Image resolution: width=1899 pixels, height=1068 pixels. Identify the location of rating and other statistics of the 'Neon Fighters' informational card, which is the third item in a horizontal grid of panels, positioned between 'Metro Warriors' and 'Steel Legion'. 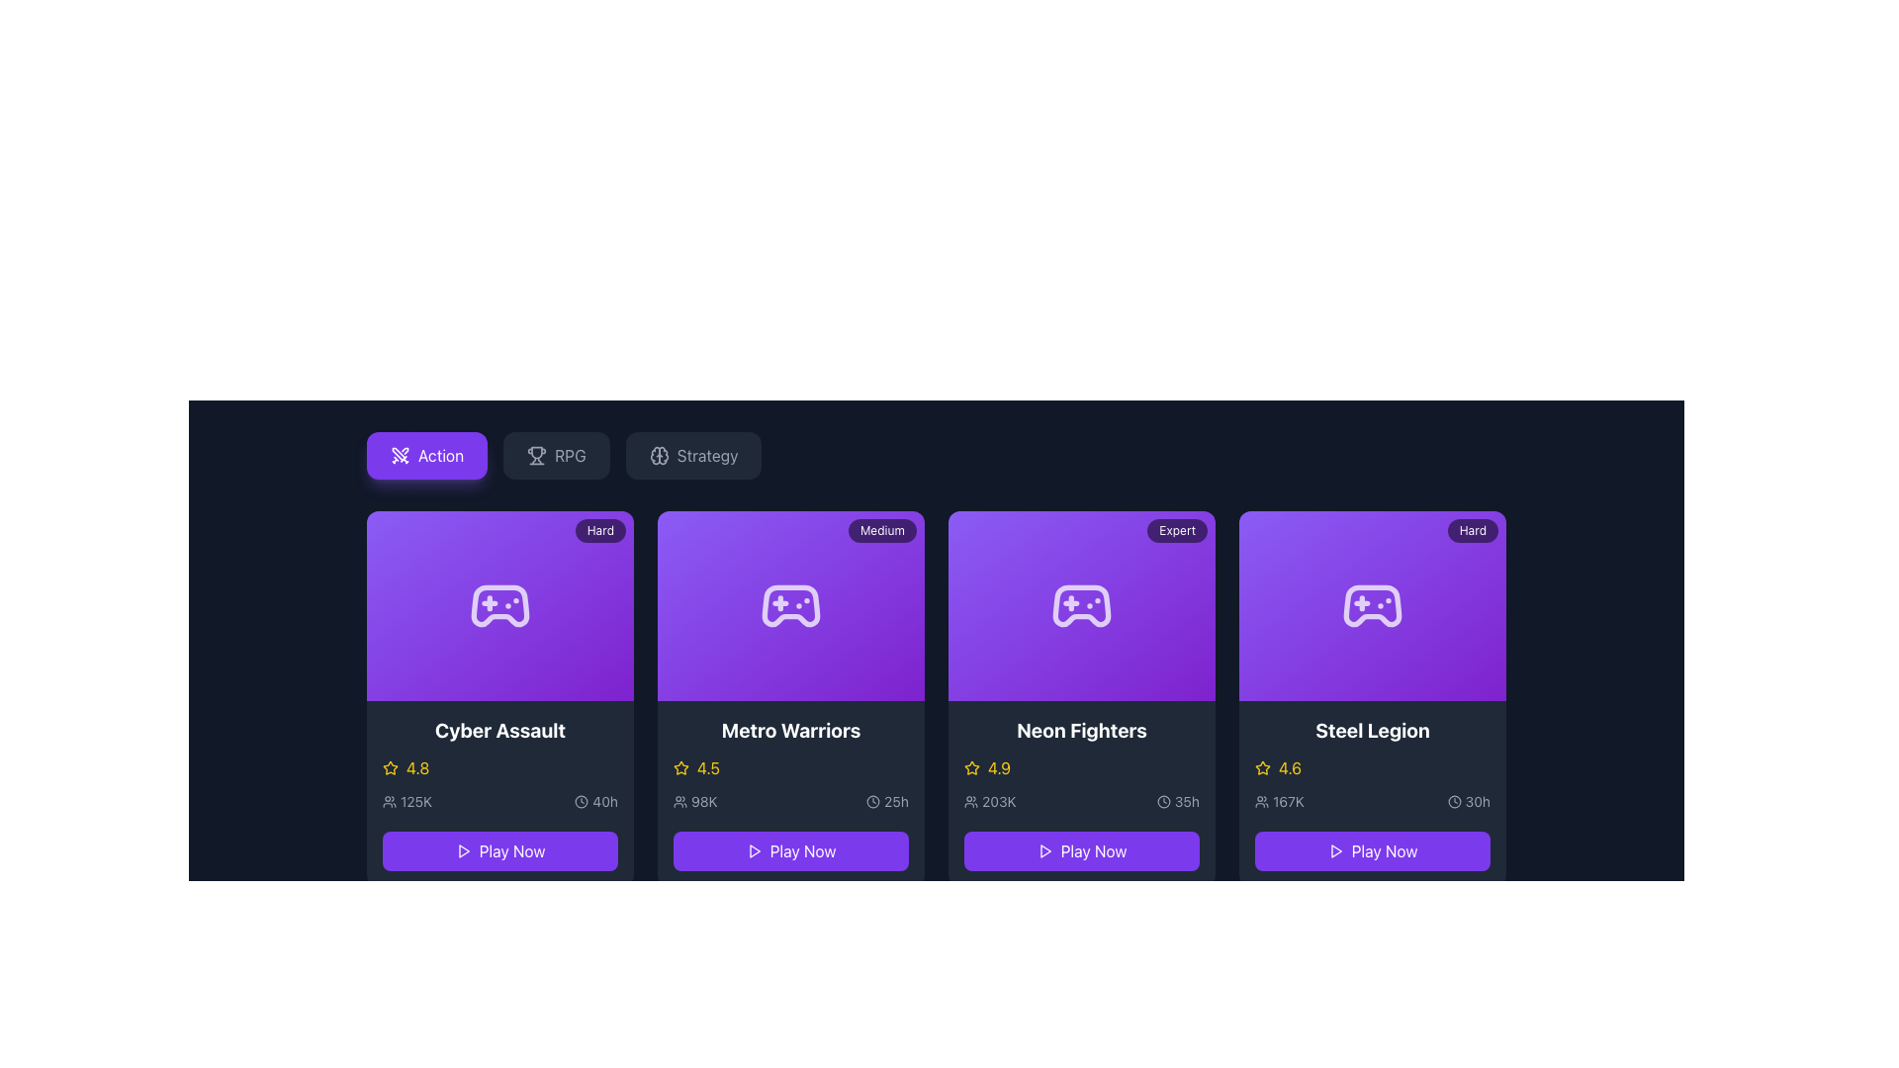
(1081, 792).